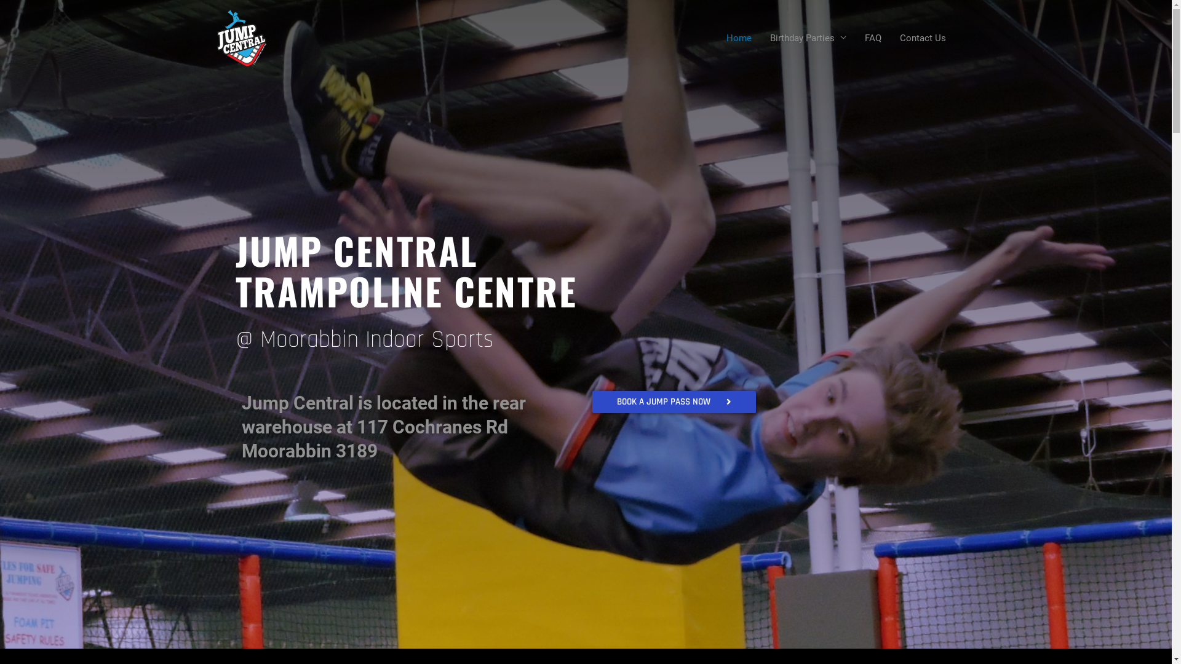  I want to click on 'Contact Us', so click(923, 37).